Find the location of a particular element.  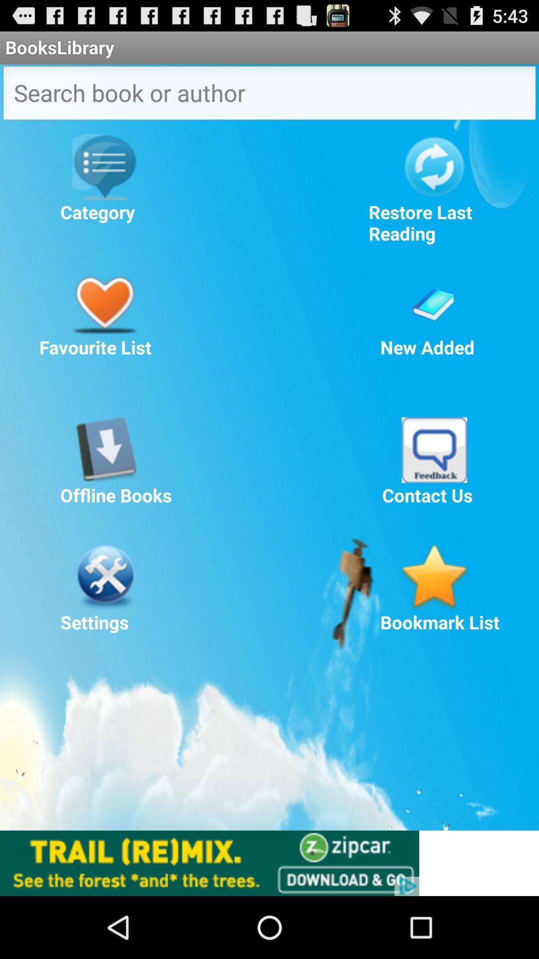

go bookmark list is located at coordinates (434, 577).